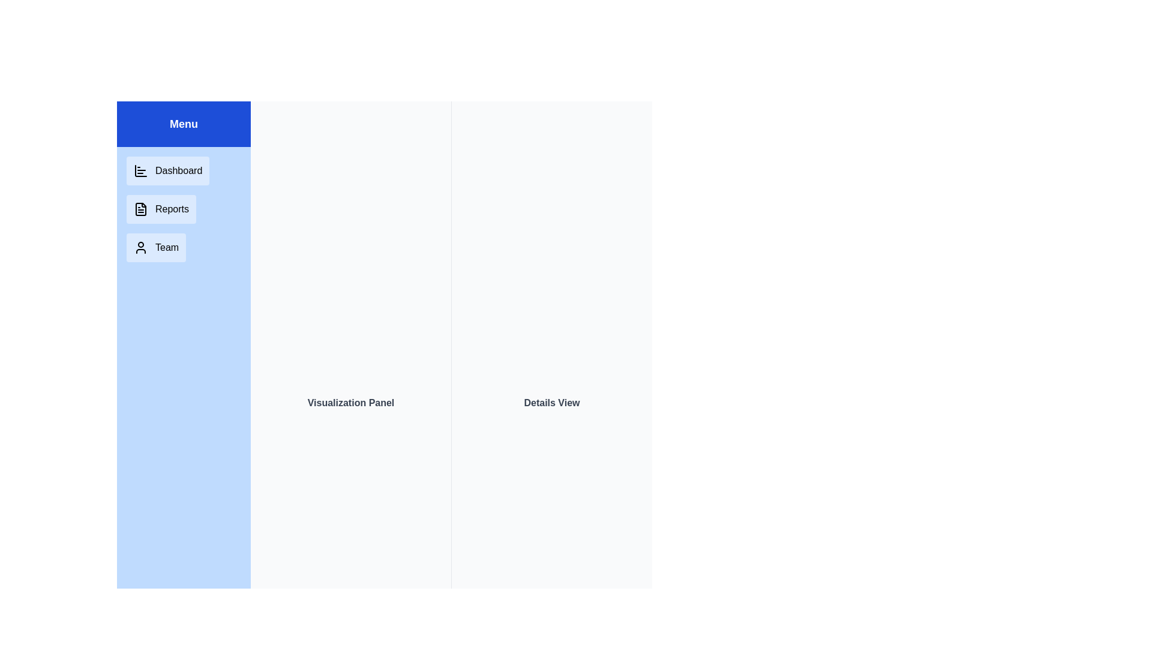 The height and width of the screenshot is (648, 1152). What do you see at coordinates (141, 208) in the screenshot?
I see `the file icon representing the Reports menu item located in the second position of the vertical list in the left-side menu` at bounding box center [141, 208].